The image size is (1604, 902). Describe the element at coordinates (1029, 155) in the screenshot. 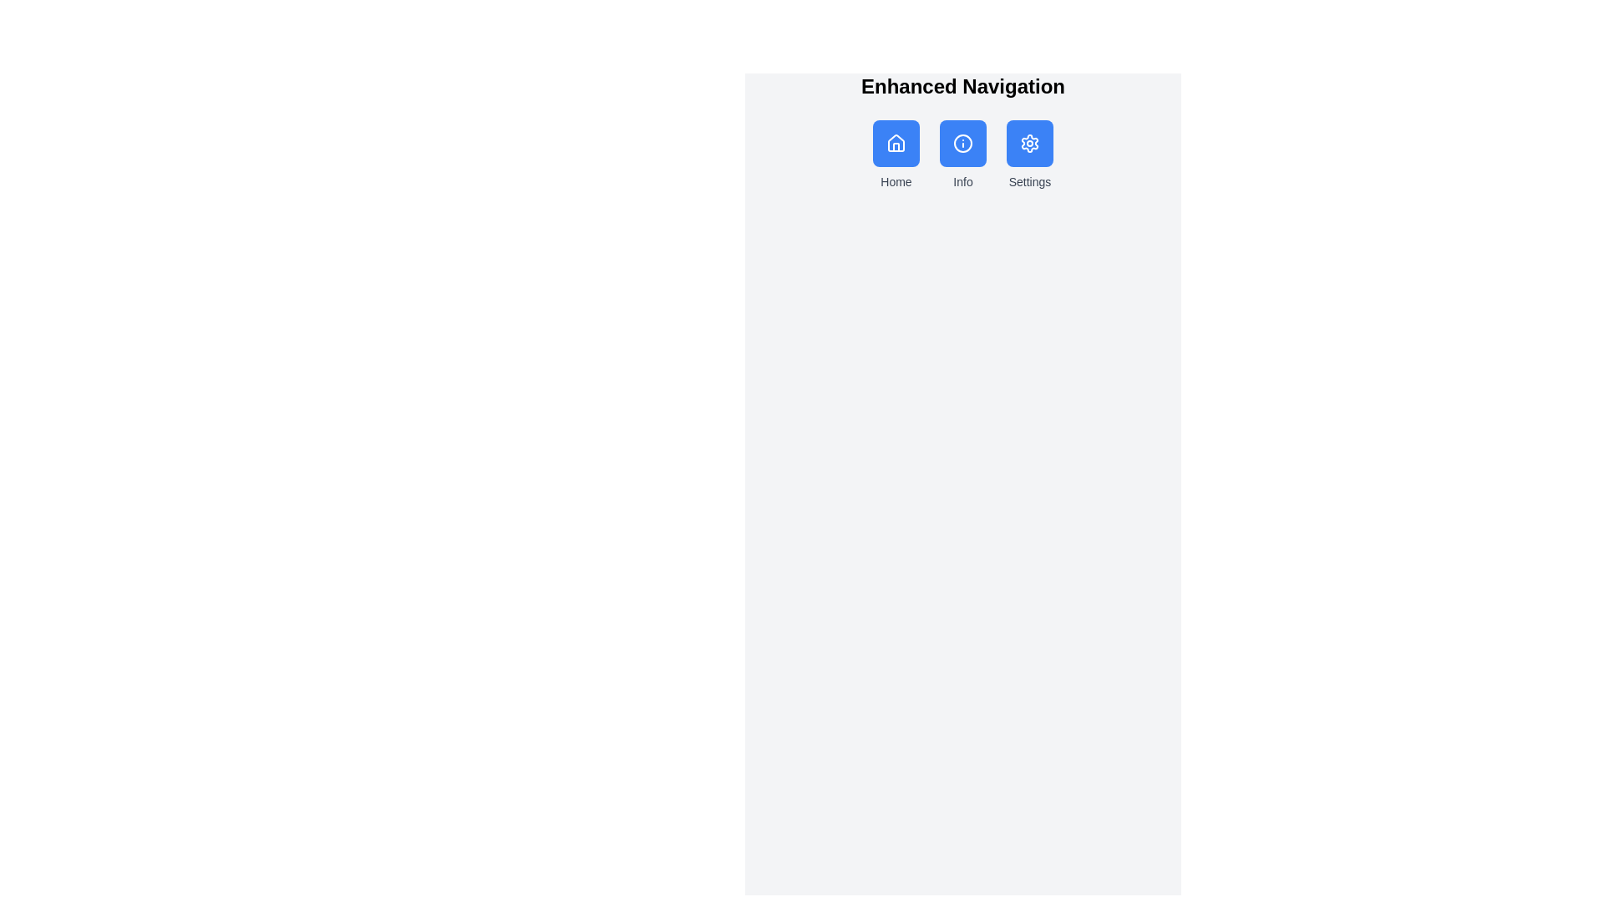

I see `the blue button with a white cogwheel icon labeled 'Settings'` at that location.